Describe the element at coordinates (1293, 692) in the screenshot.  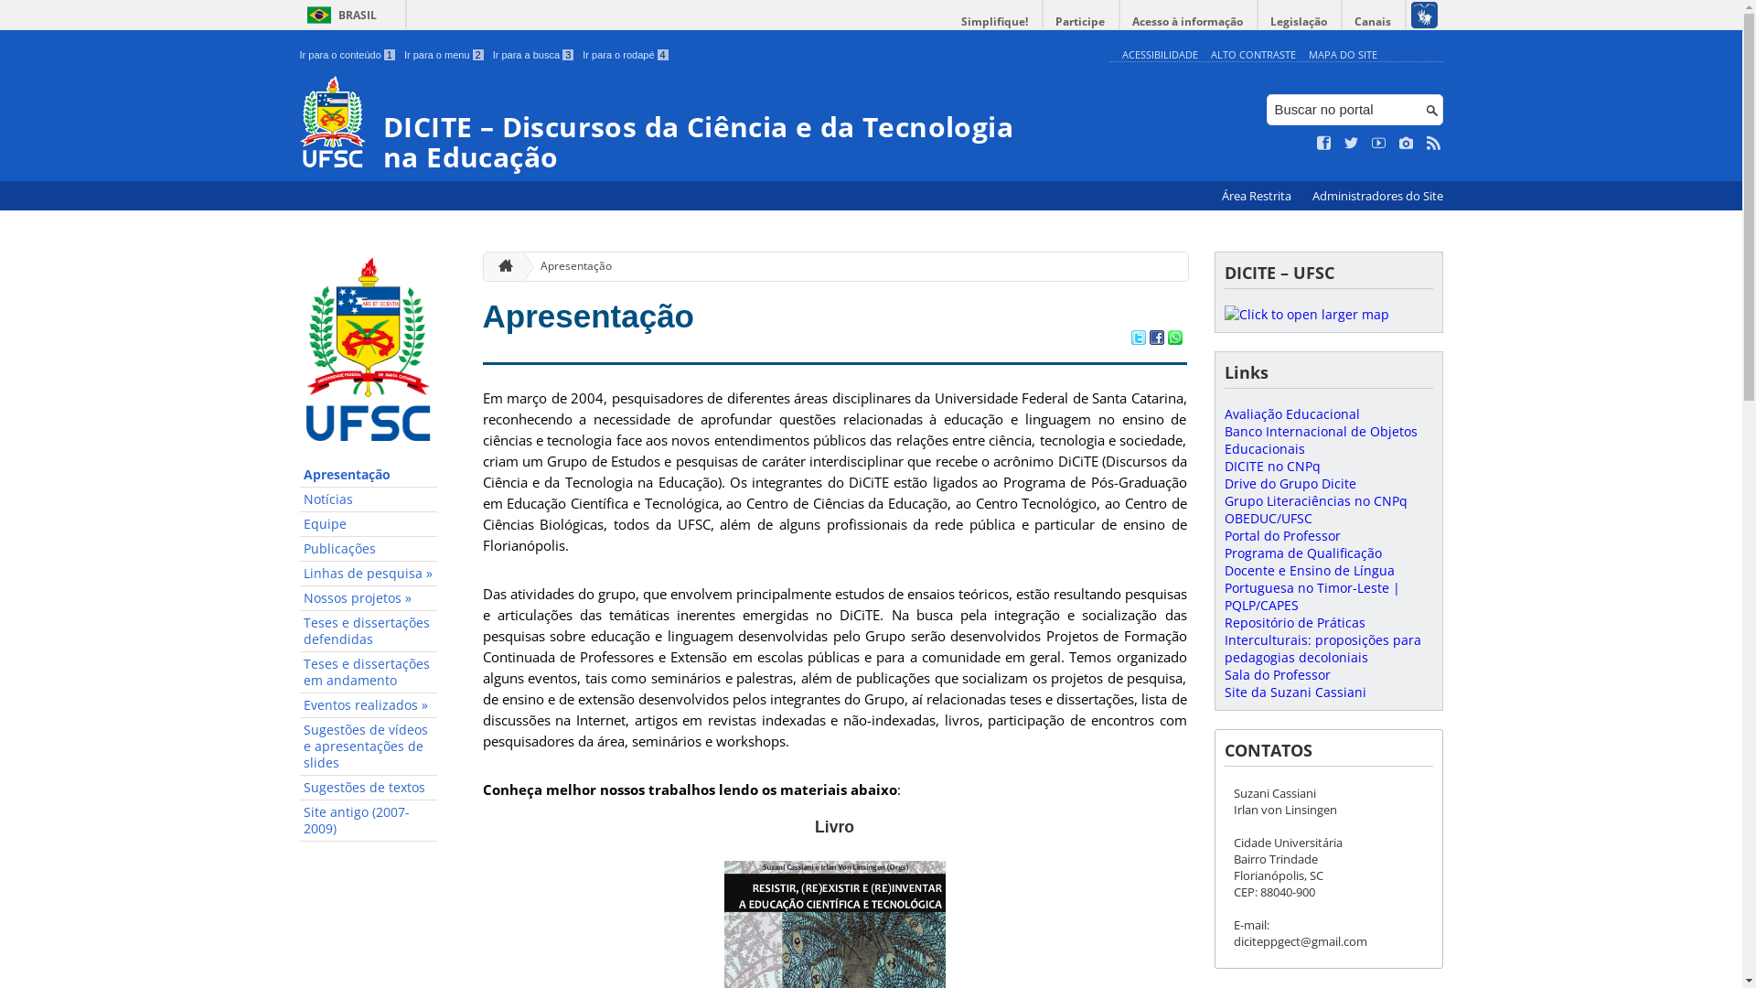
I see `'Site da Suzani Cassiani'` at that location.